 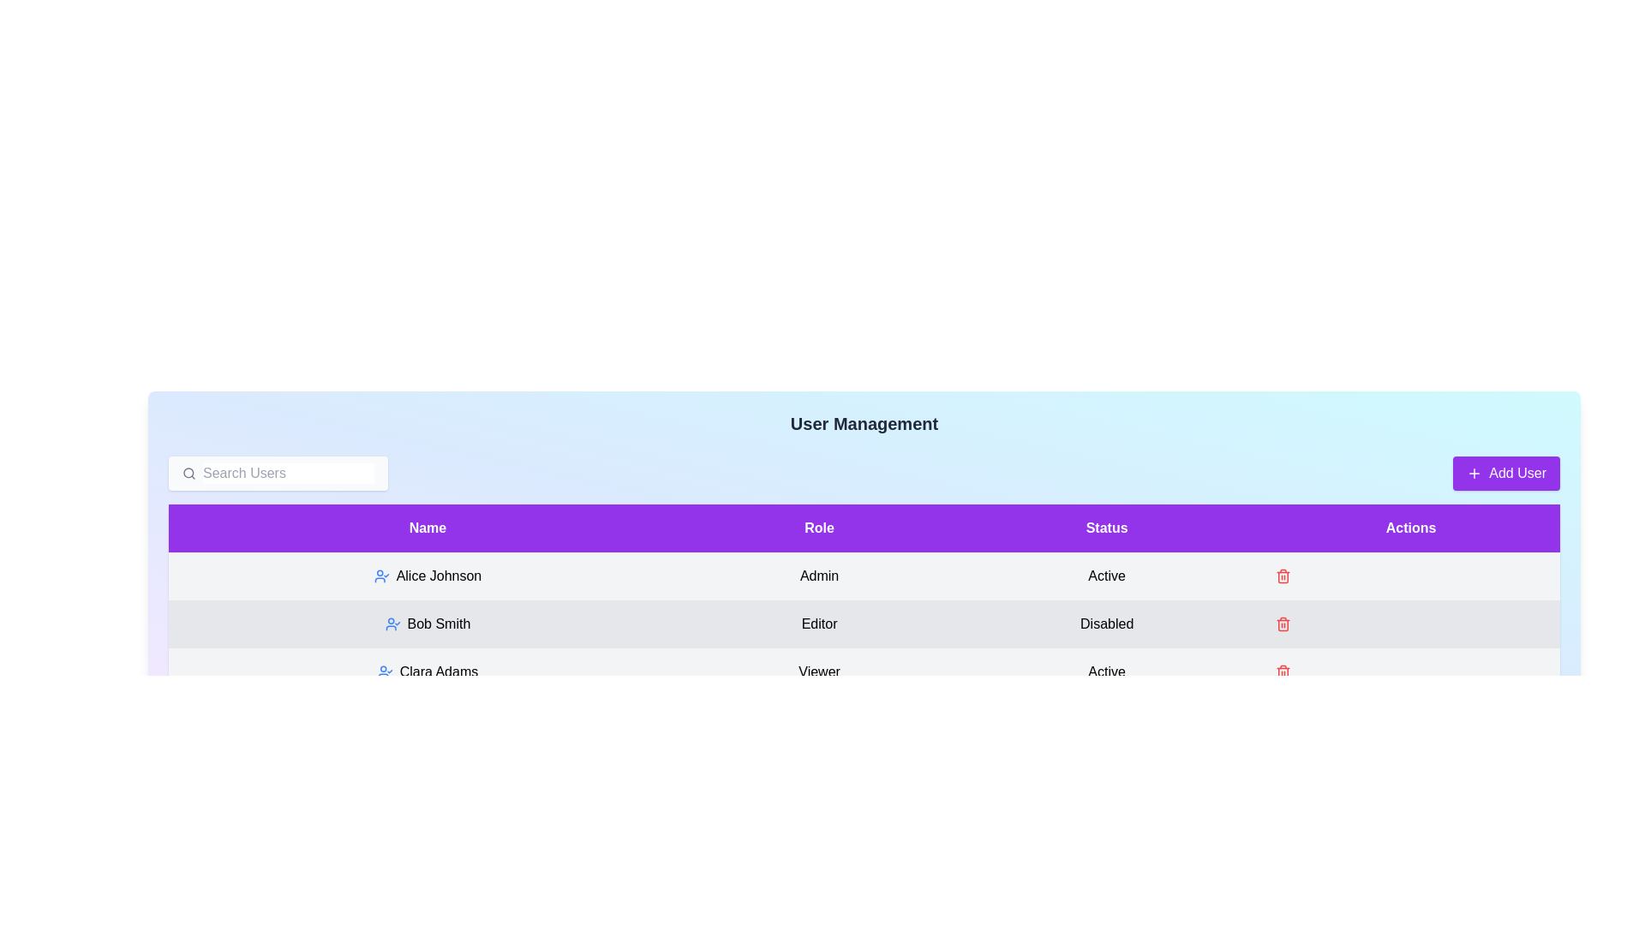 I want to click on the 'Add User' button to initiate the process of adding a new user, so click(x=1504, y=473).